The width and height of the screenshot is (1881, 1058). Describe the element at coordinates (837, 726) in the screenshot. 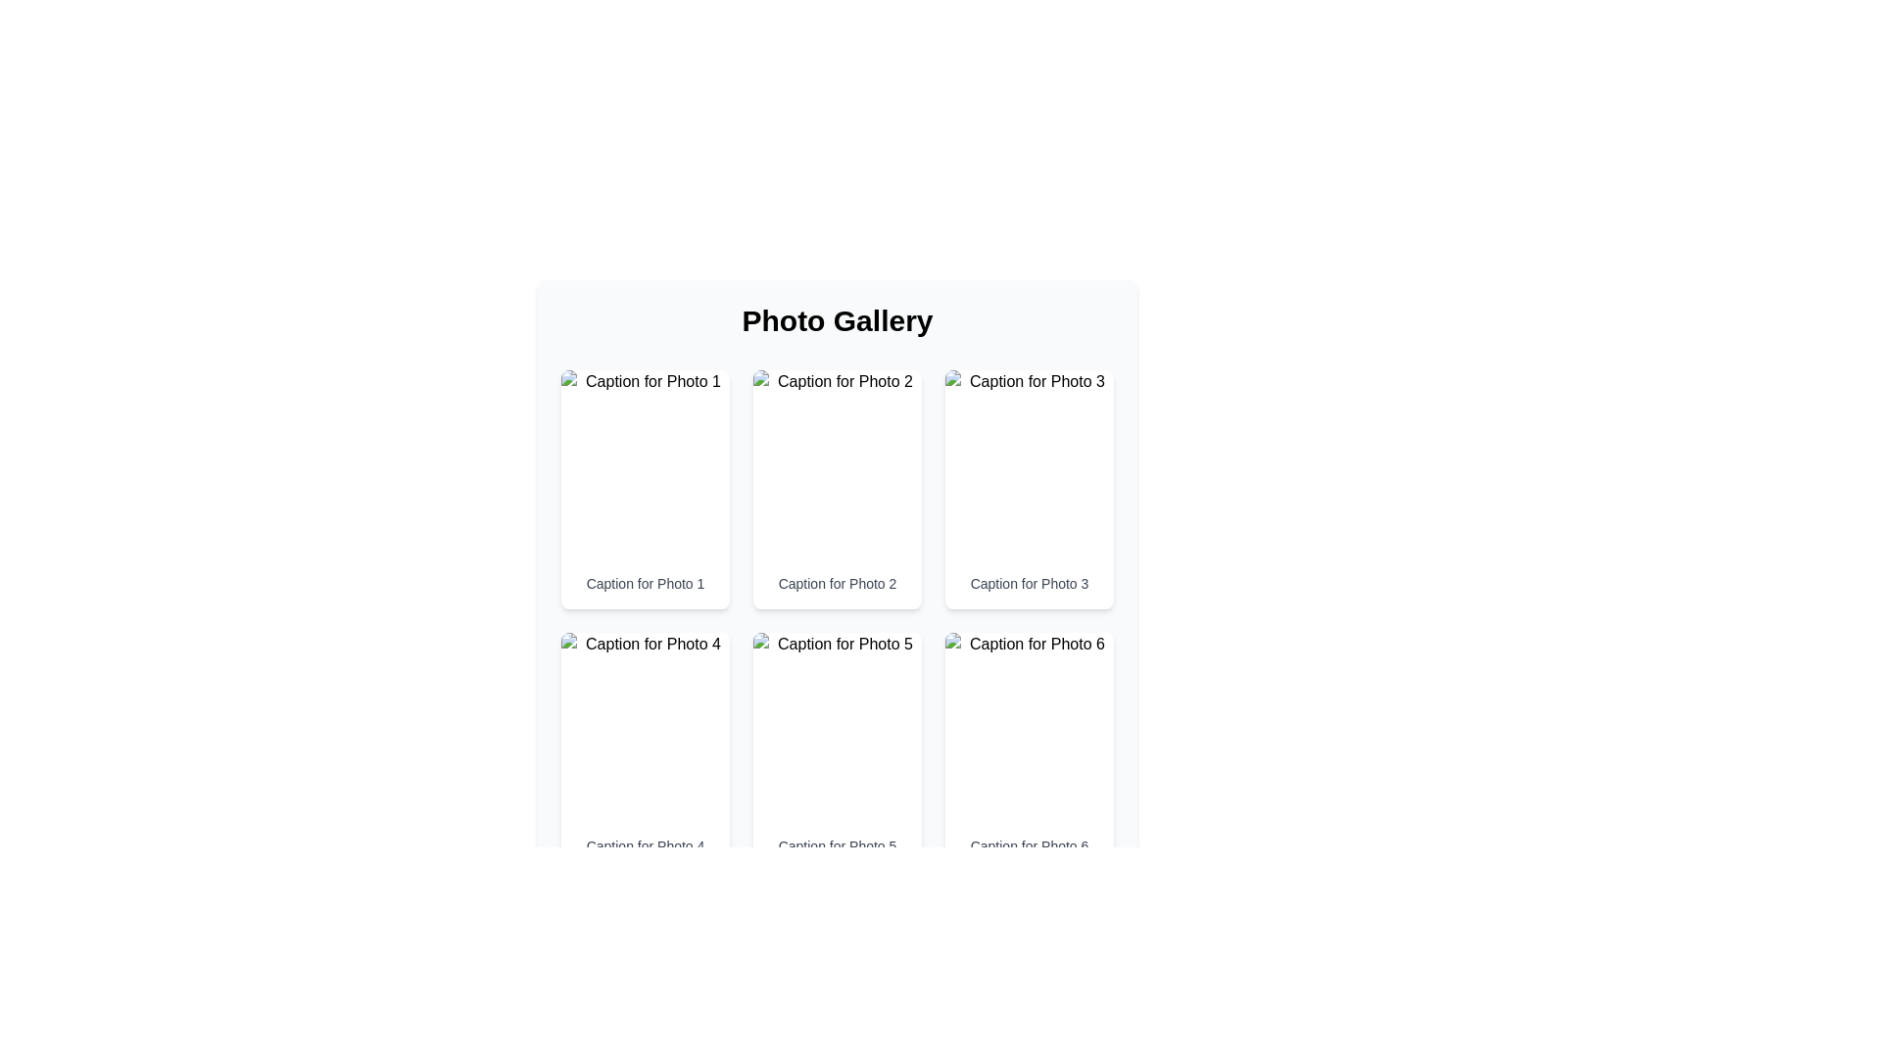

I see `the image element displaying 'Photo5', which is located at the top of the card in the second row, middle column of the grid layout` at that location.